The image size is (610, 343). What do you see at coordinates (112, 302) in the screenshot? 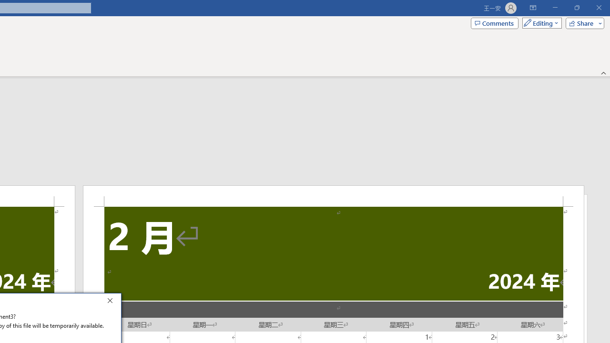
I see `'Close'` at bounding box center [112, 302].